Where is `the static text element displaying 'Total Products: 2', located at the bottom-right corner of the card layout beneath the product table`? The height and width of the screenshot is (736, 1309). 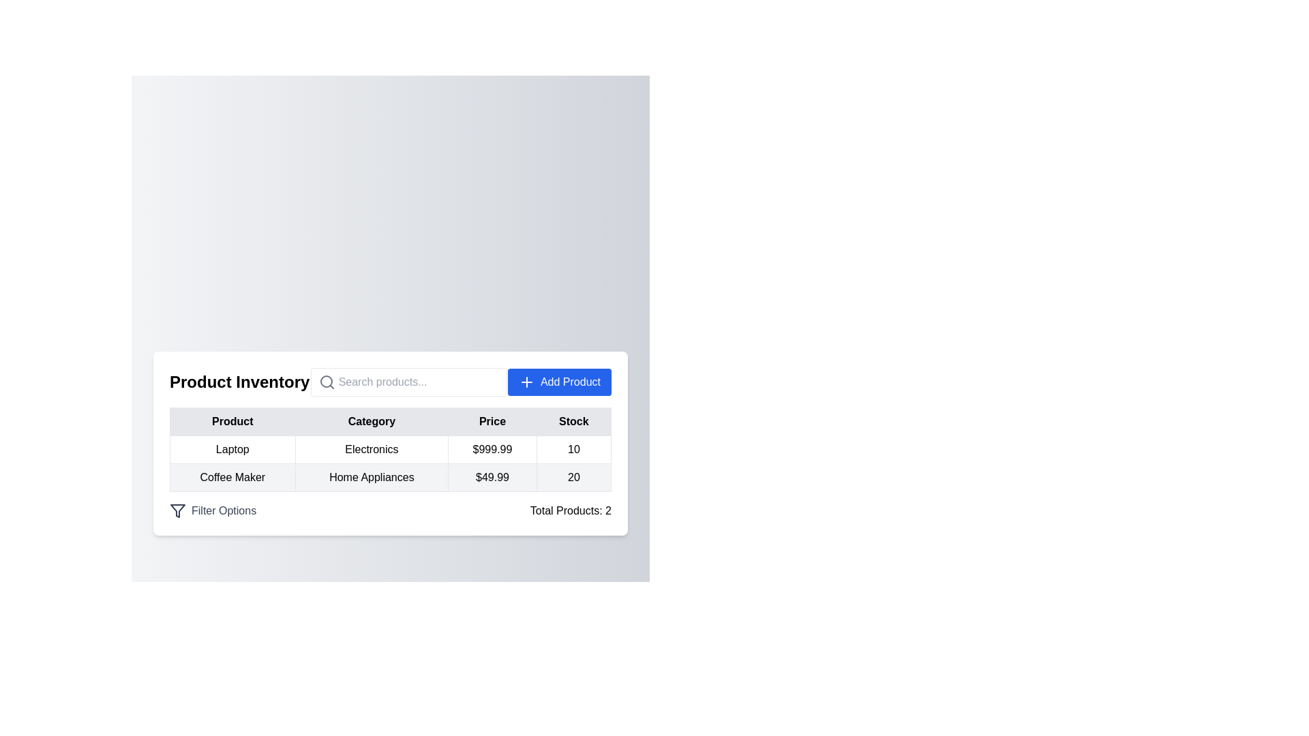 the static text element displaying 'Total Products: 2', located at the bottom-right corner of the card layout beneath the product table is located at coordinates (571, 510).